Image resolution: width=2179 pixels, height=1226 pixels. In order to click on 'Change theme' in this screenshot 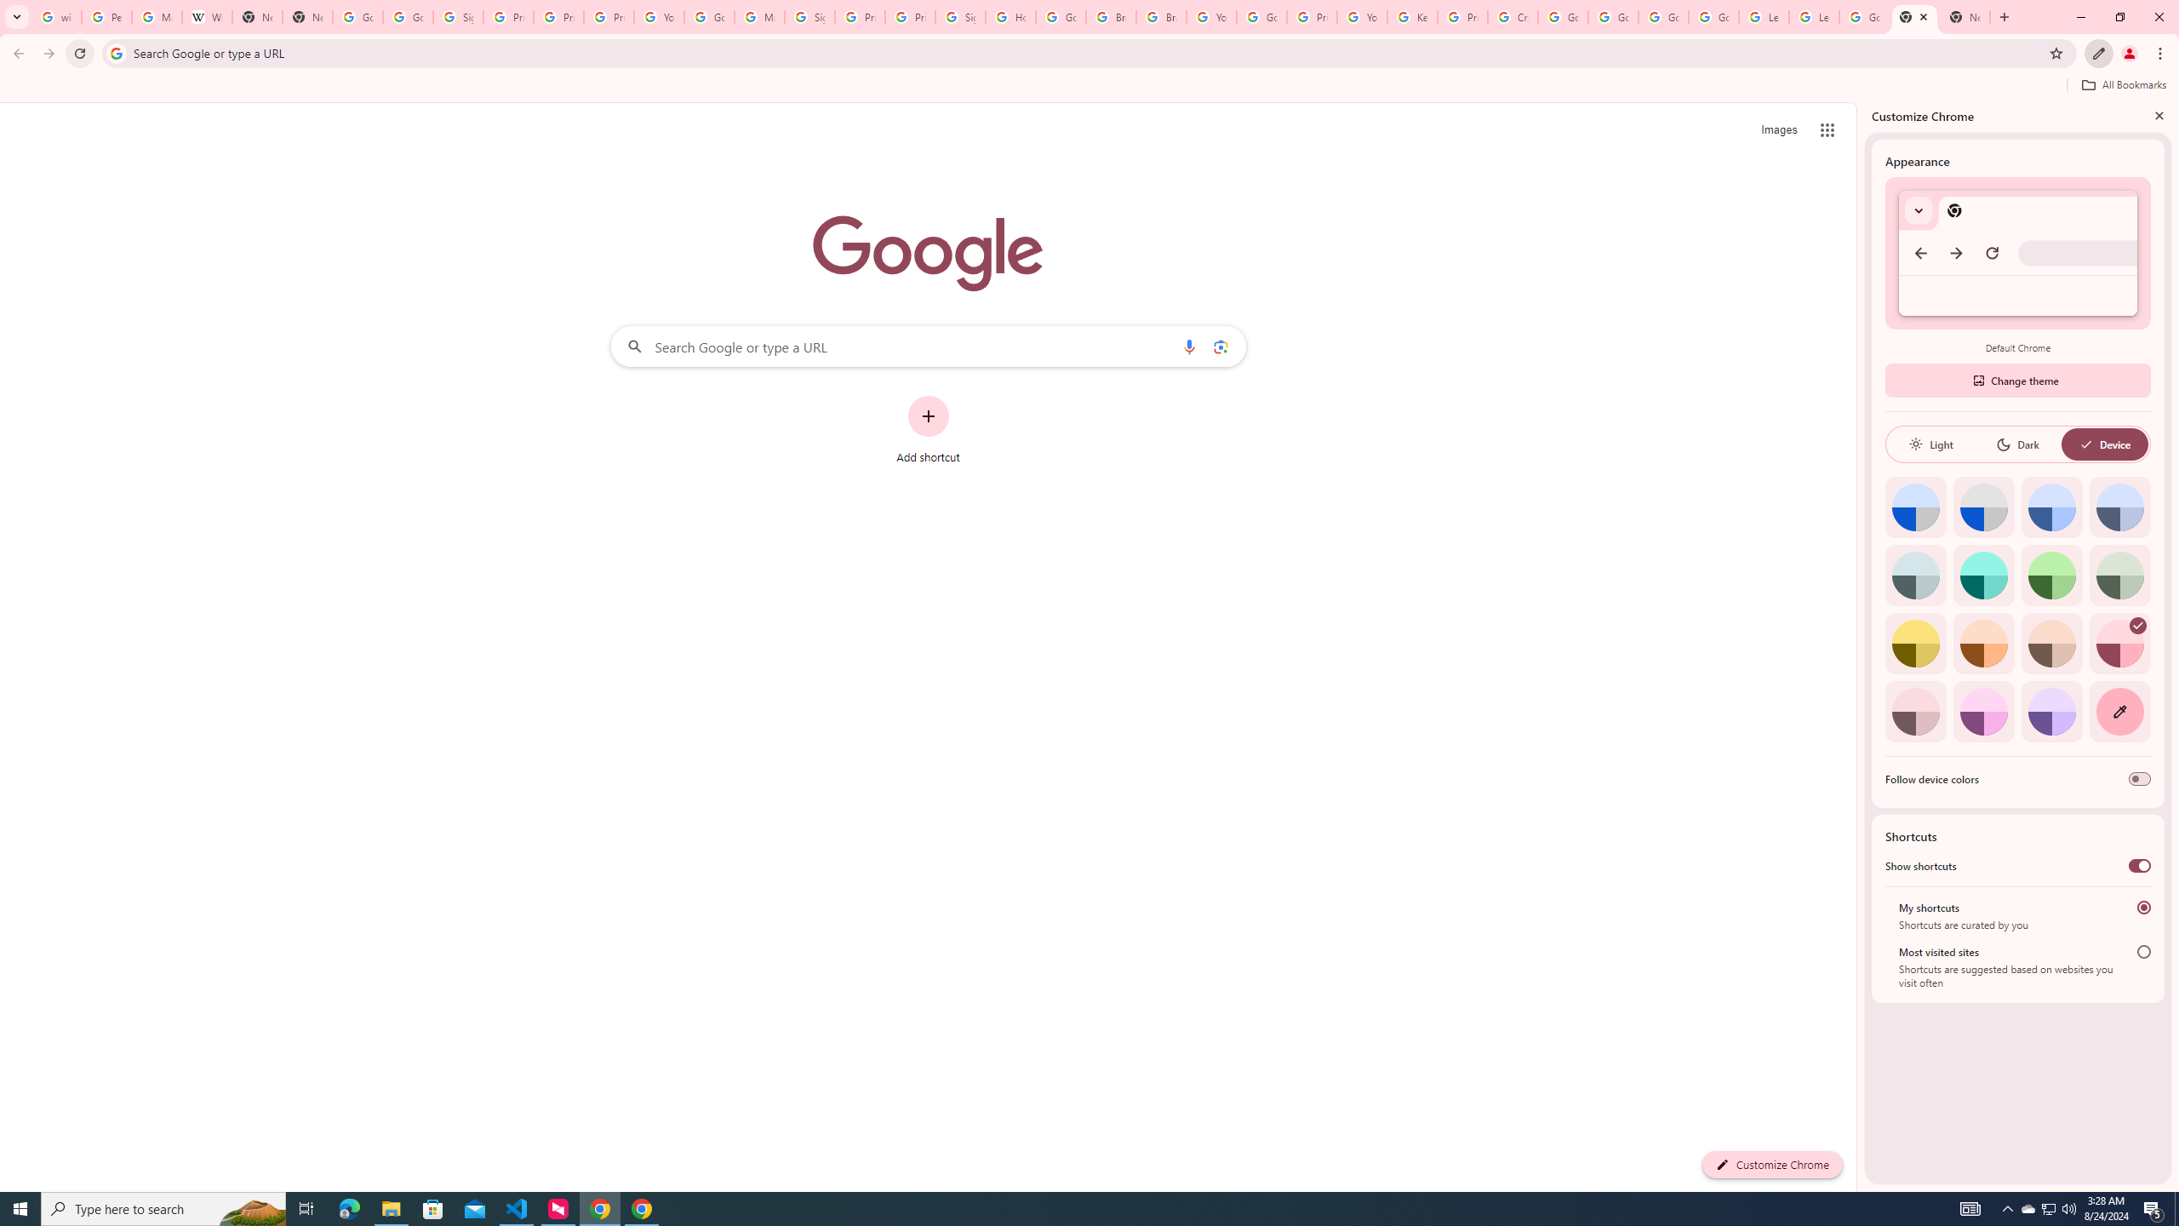, I will do `click(2016, 381)`.